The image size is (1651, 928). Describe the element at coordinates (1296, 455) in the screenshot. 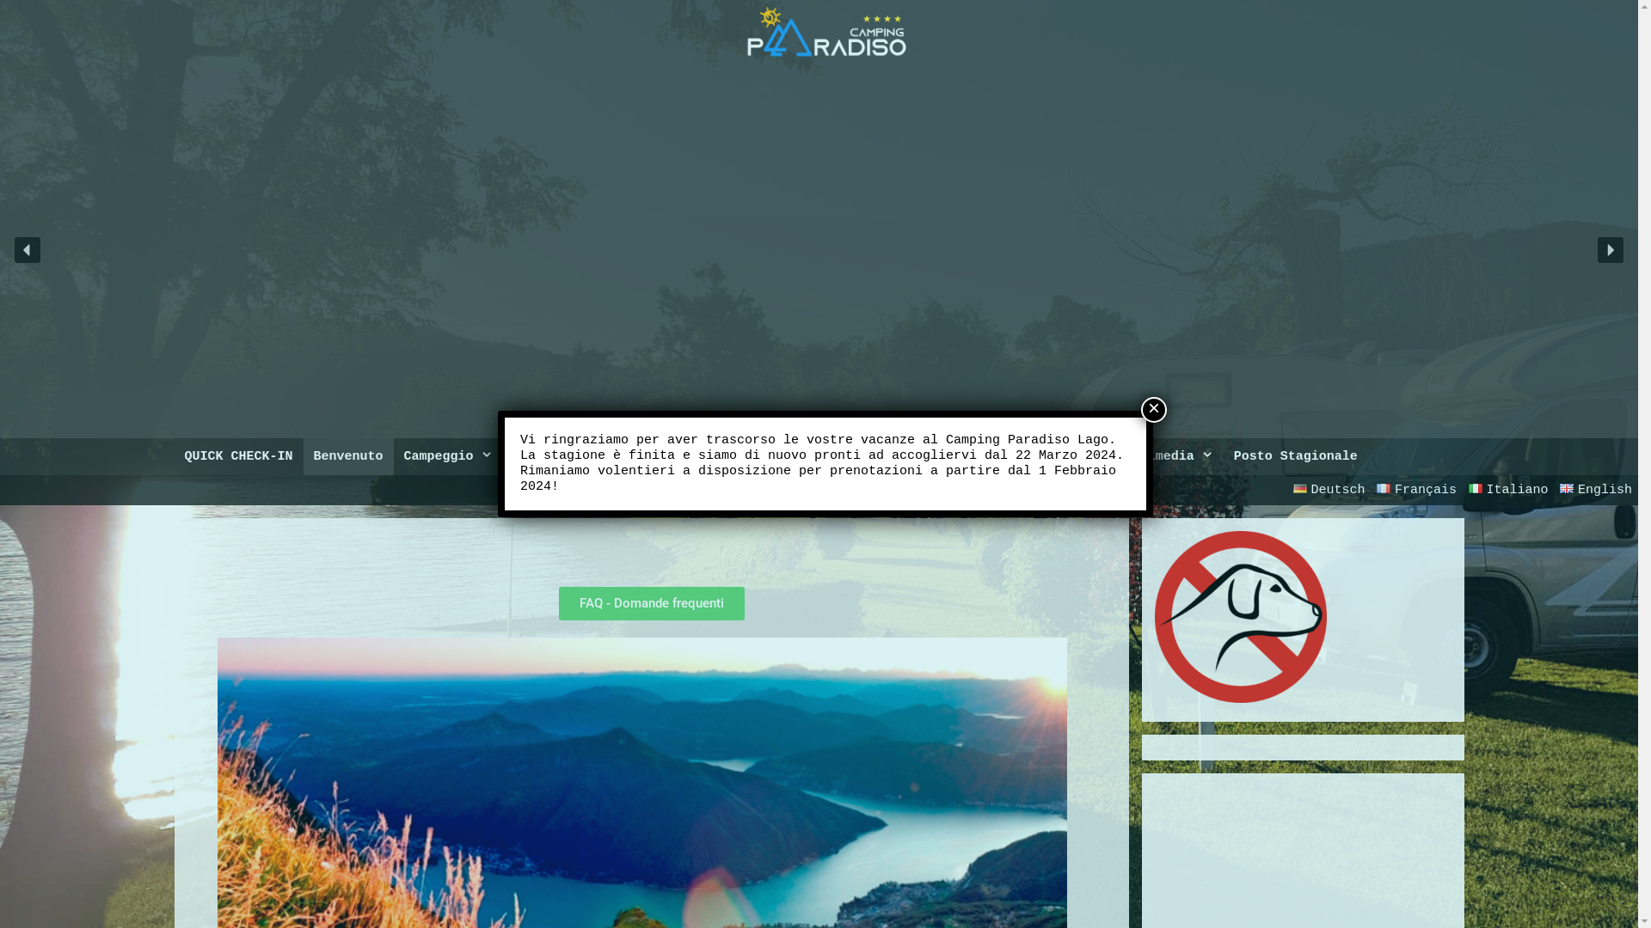

I see `'Posto Stagionale'` at that location.